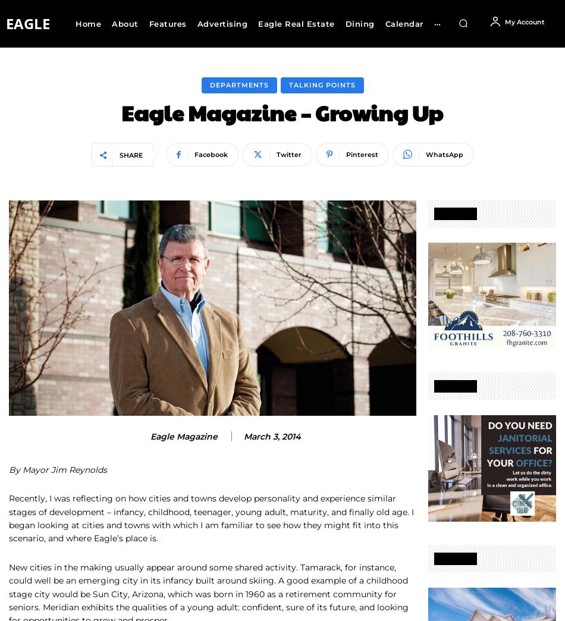 This screenshot has height=621, width=565. What do you see at coordinates (28, 23) in the screenshot?
I see `'EAGLE'` at bounding box center [28, 23].